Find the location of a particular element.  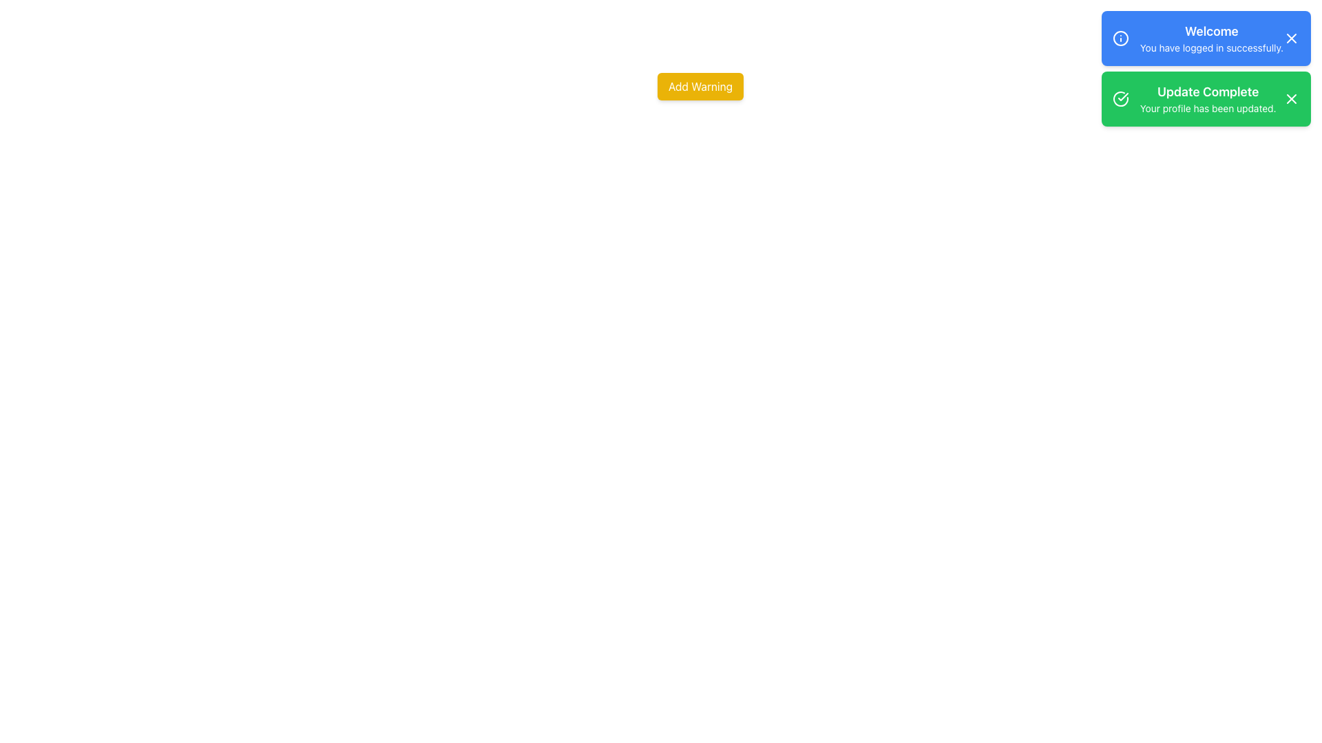

the close button, represented by an 'X' shaped icon, located in the top-right corner of the blue notification card that displays 'Welcome You have logged in successfully.' is located at coordinates (1291, 98).